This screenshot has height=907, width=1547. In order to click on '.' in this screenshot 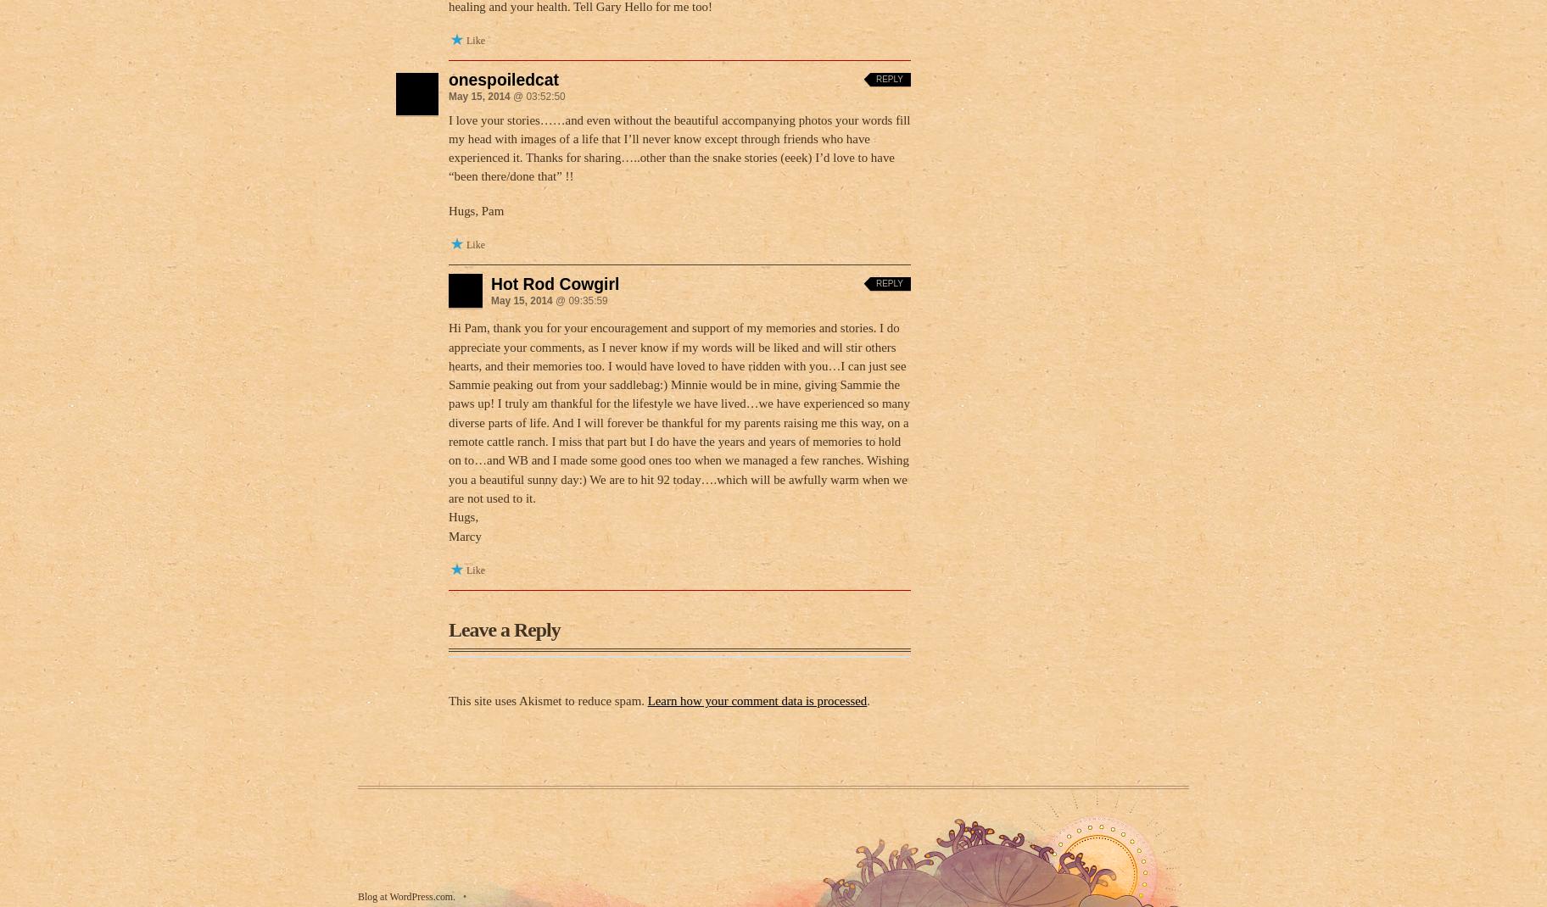, I will do `click(867, 701)`.